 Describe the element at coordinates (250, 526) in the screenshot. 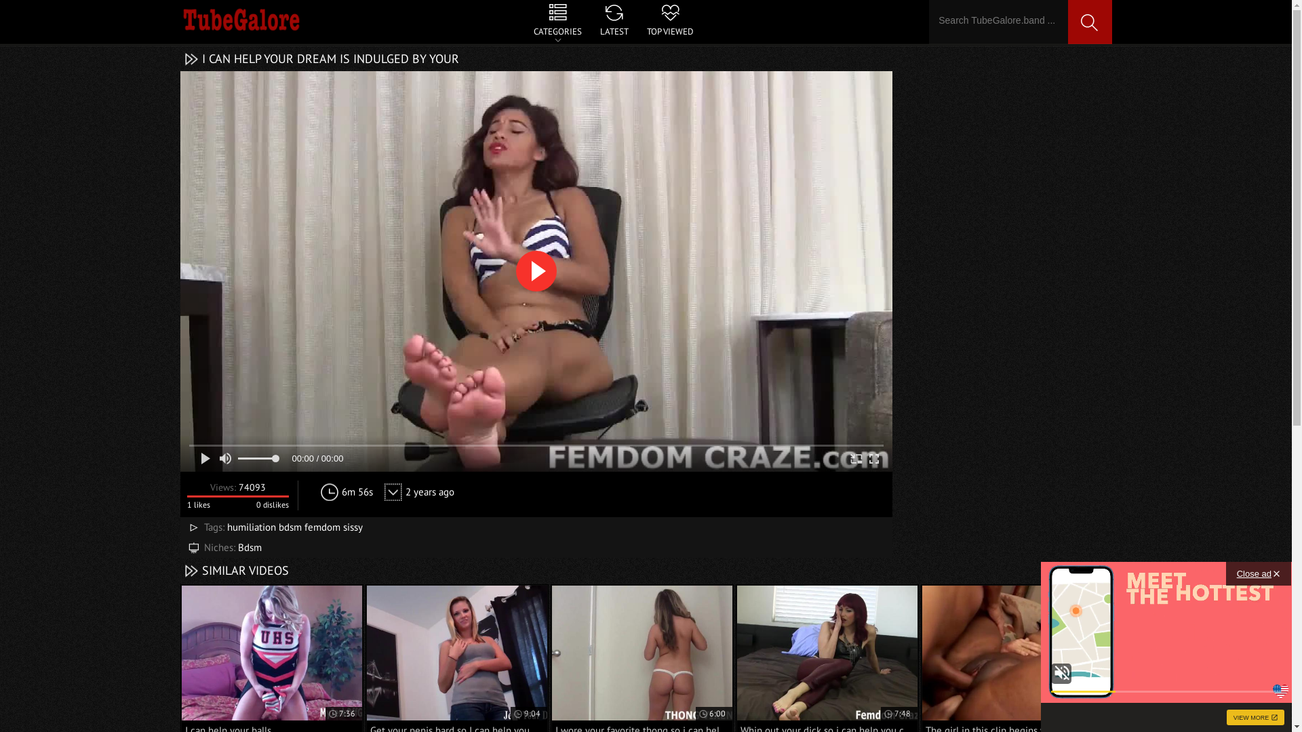

I see `'humiliation'` at that location.